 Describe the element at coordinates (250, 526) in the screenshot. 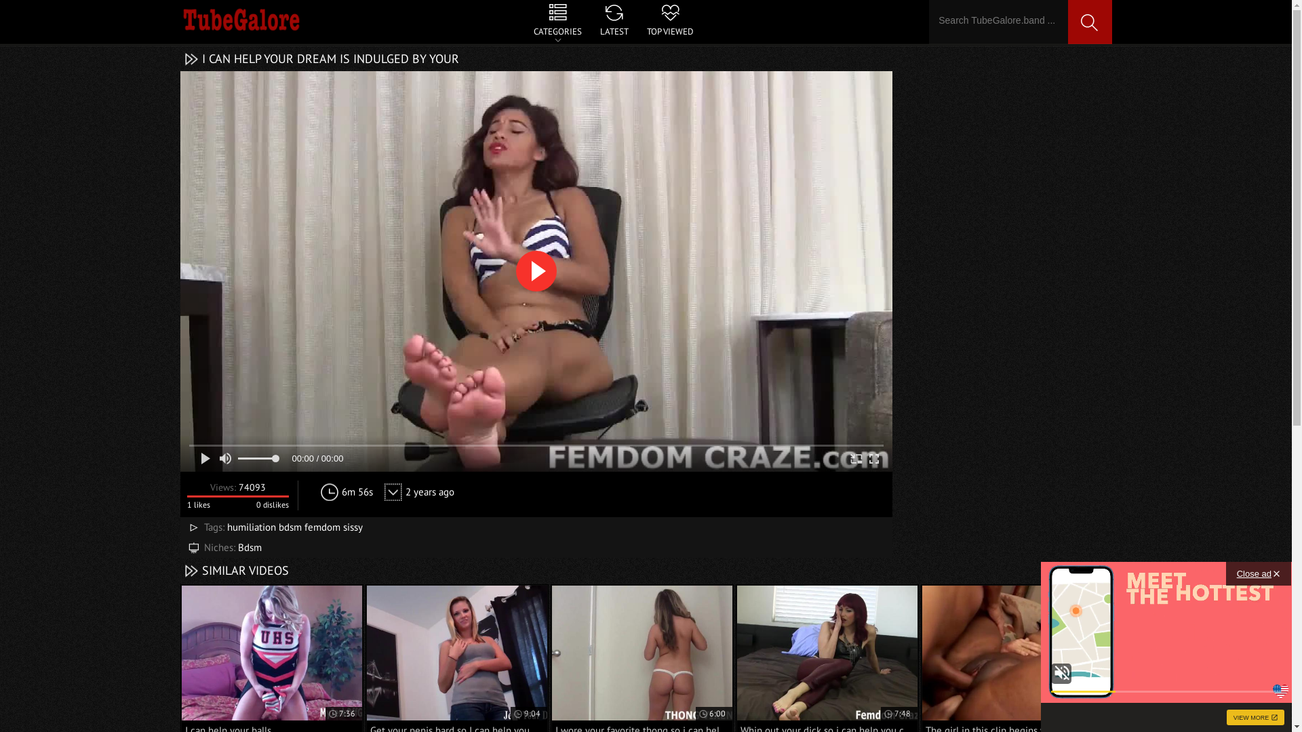

I see `'humiliation'` at that location.